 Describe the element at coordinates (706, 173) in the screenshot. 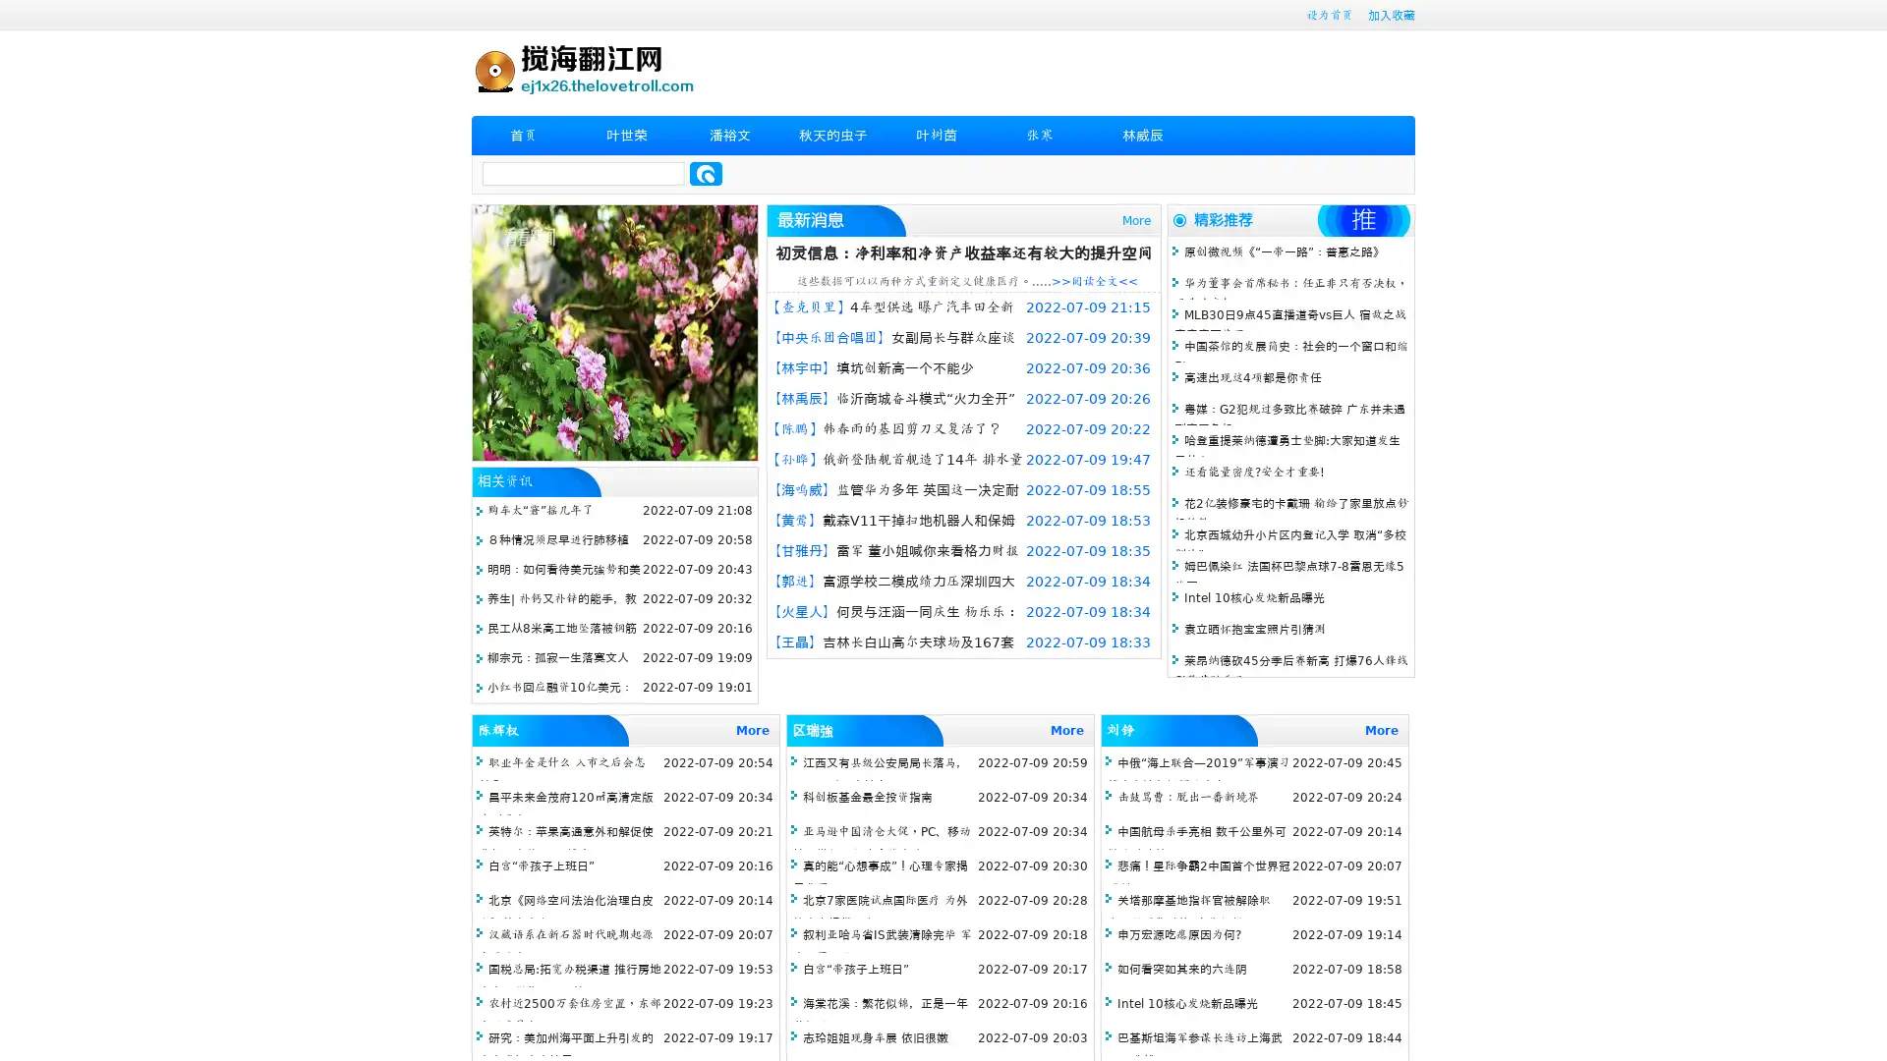

I see `Search` at that location.